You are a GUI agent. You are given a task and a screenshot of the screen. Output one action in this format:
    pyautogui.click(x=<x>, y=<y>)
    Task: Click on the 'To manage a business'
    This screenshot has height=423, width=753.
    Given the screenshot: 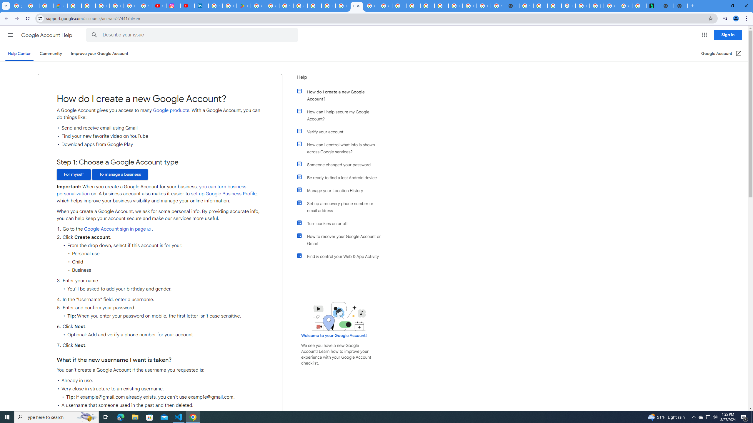 What is the action you would take?
    pyautogui.click(x=120, y=174)
    